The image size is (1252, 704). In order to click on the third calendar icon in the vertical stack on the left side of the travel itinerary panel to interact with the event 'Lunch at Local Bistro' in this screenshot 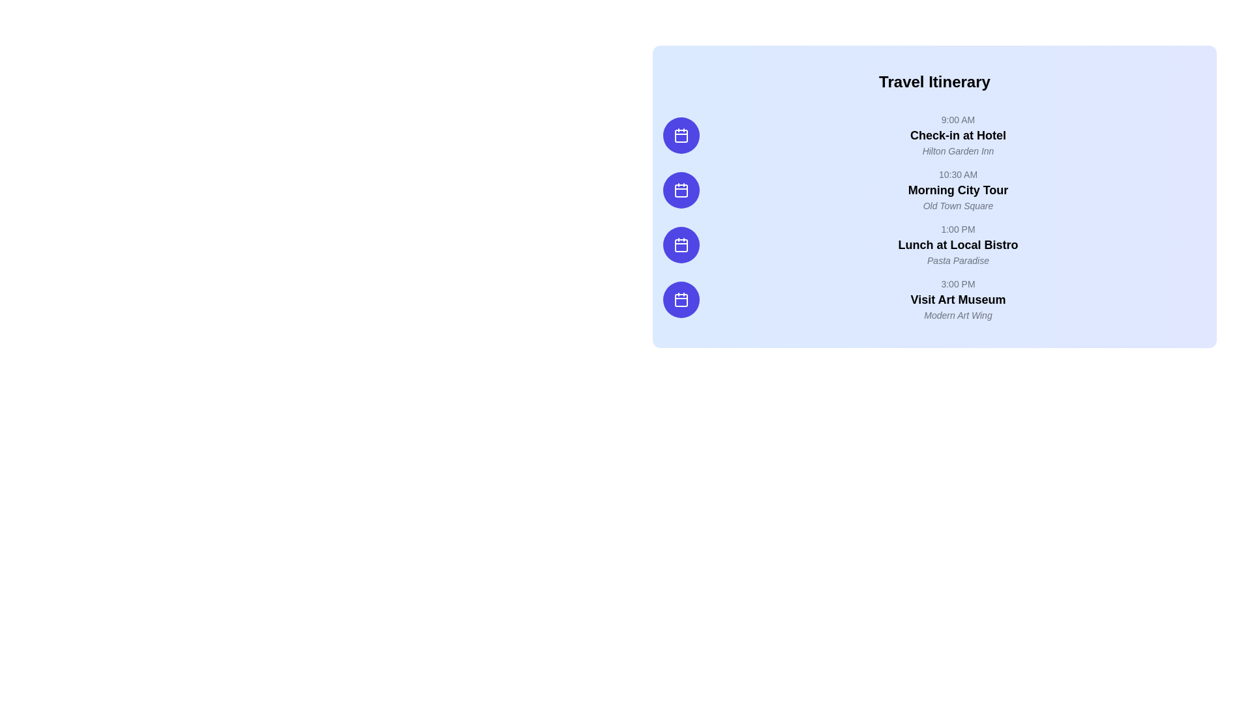, I will do `click(681, 244)`.